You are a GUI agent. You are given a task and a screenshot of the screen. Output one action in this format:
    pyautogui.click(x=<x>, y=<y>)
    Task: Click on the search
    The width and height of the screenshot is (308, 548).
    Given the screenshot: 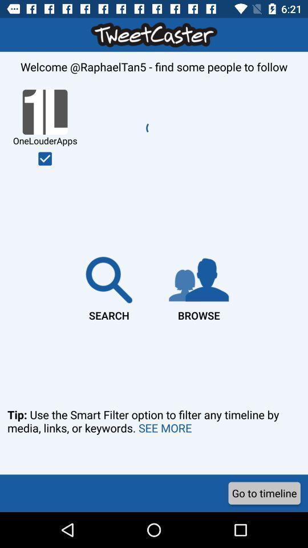 What is the action you would take?
    pyautogui.click(x=109, y=286)
    